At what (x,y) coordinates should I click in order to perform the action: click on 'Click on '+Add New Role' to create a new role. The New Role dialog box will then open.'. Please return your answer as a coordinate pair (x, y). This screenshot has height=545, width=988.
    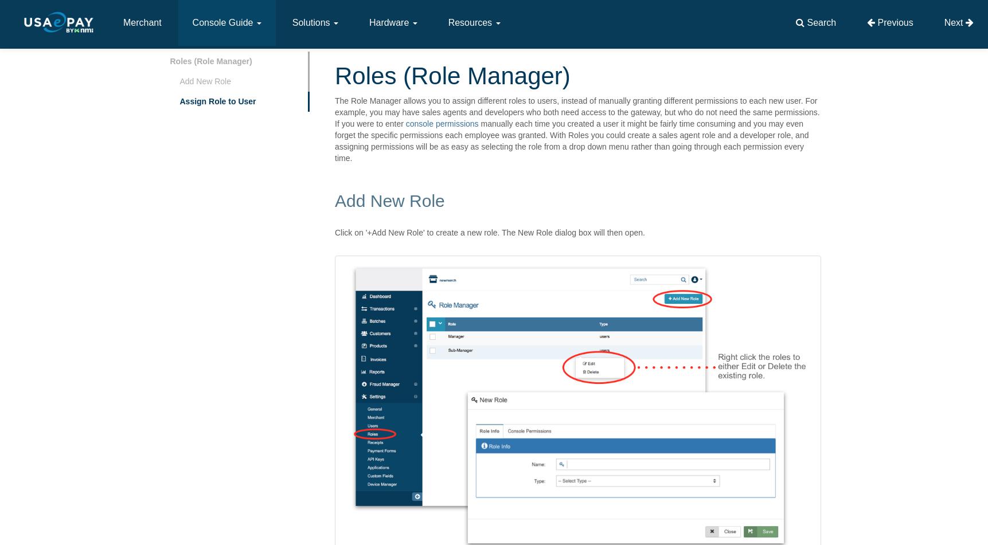
    Looking at the image, I should click on (489, 232).